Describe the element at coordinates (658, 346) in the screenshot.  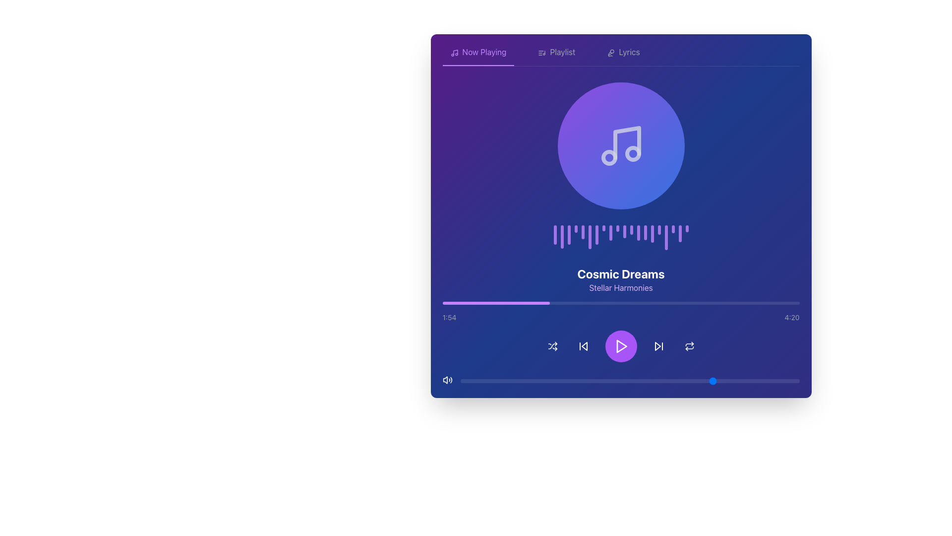
I see `the 'skip forward' button, which is located in the media controls section, to the right of the central play button and is the second icon from the left` at that location.